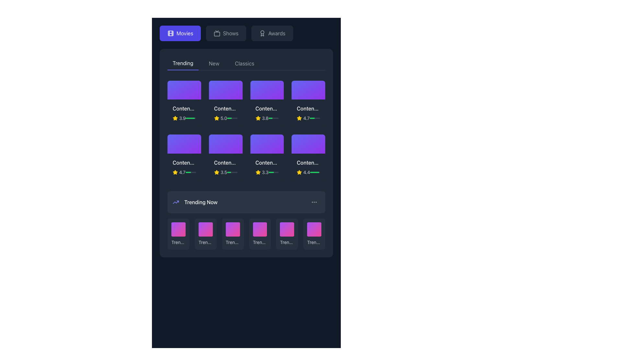 The image size is (622, 350). What do you see at coordinates (184, 33) in the screenshot?
I see `the 'Movies' text label that is embedded in a clickable button within the top-left region of the interface's horizontal navigation menu` at bounding box center [184, 33].